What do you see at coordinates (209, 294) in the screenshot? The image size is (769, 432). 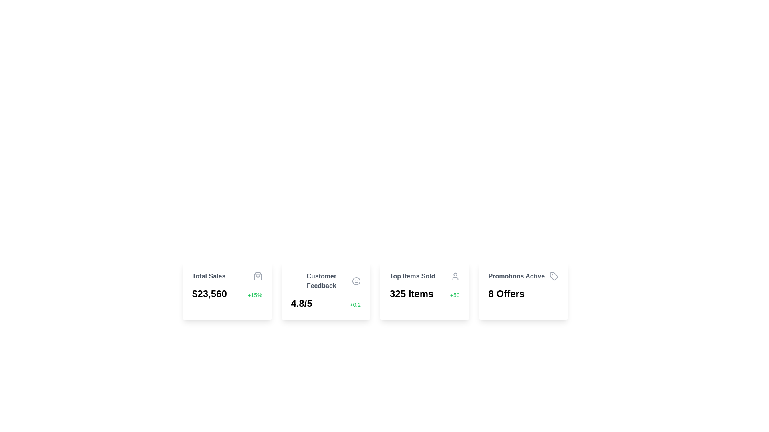 I see `the text displaying the total sales value located in the 'Total Sales' card, which is positioned towards the top-left of the card, above the smaller green text that reads '+15%'` at bounding box center [209, 294].